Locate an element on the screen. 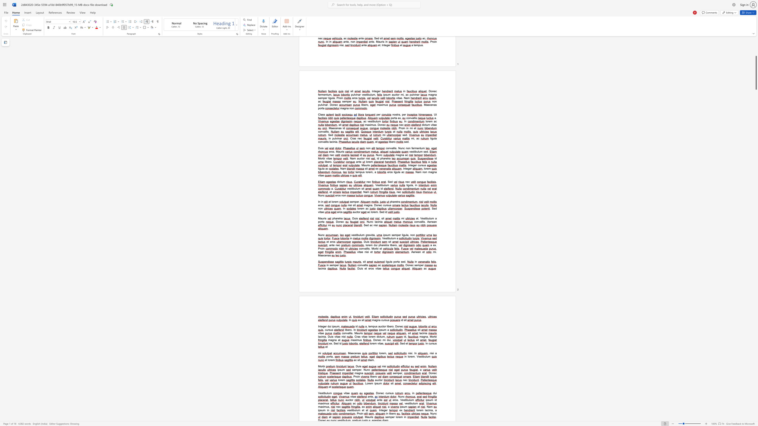 This screenshot has width=758, height=426. the 1th character "p" in the text is located at coordinates (335, 265).